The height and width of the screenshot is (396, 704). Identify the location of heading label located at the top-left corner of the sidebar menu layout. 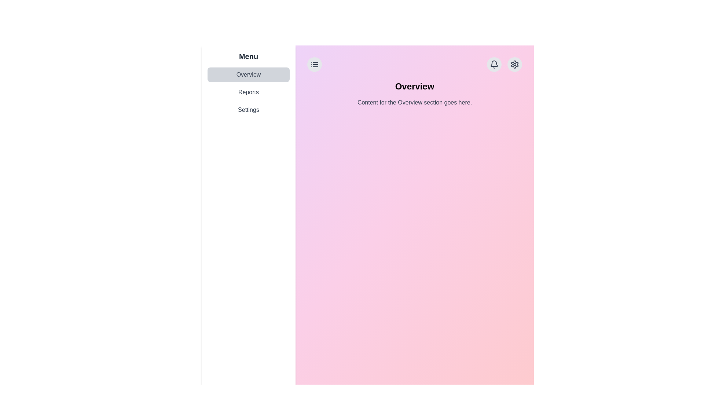
(248, 56).